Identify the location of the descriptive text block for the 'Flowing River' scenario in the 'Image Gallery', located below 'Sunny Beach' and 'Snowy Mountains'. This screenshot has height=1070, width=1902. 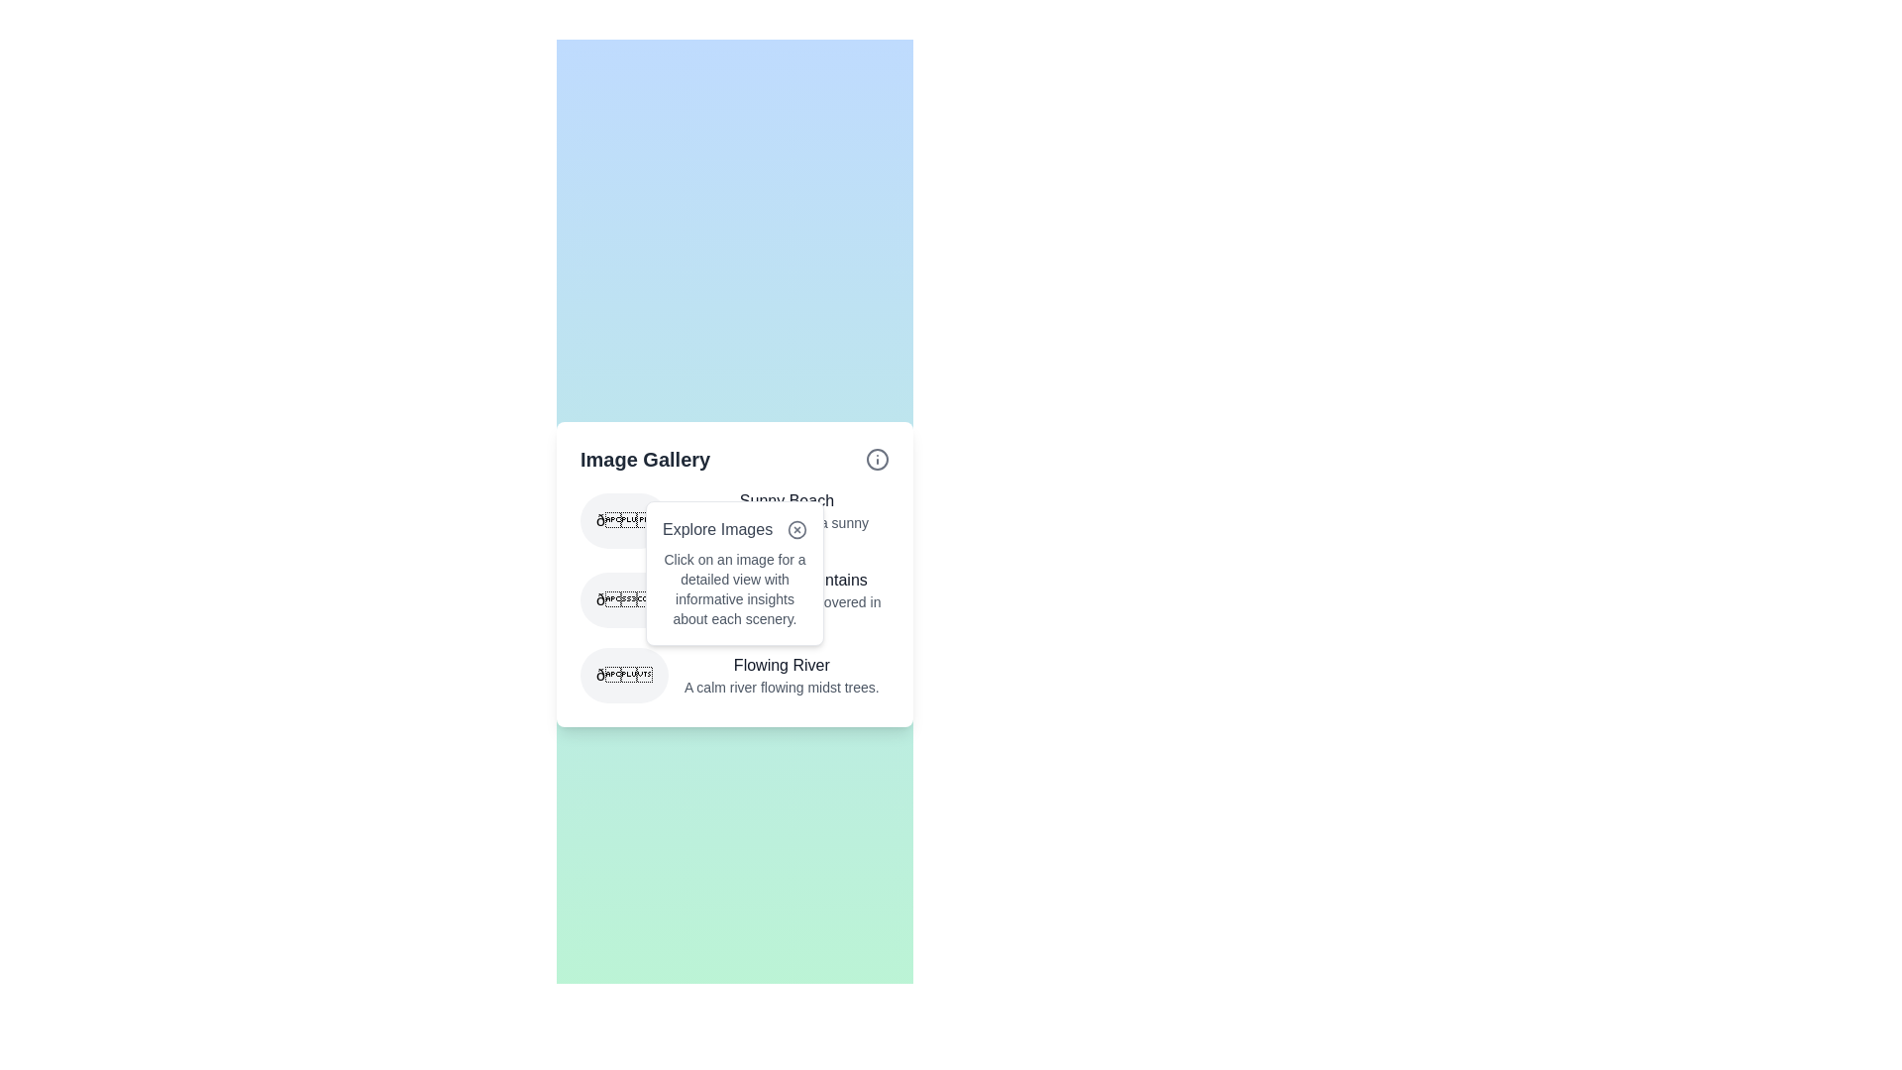
(781, 675).